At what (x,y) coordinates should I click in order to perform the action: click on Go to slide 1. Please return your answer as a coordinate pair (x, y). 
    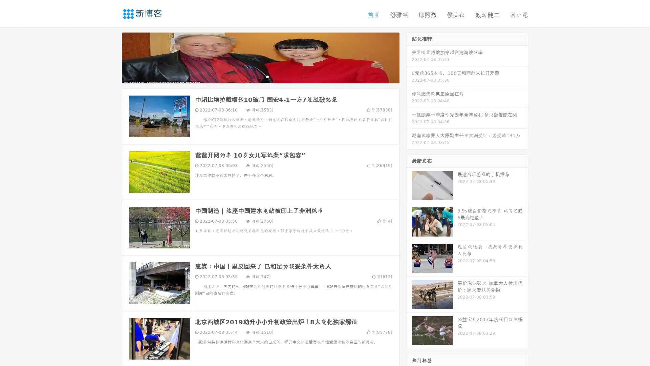
    Looking at the image, I should click on (253, 76).